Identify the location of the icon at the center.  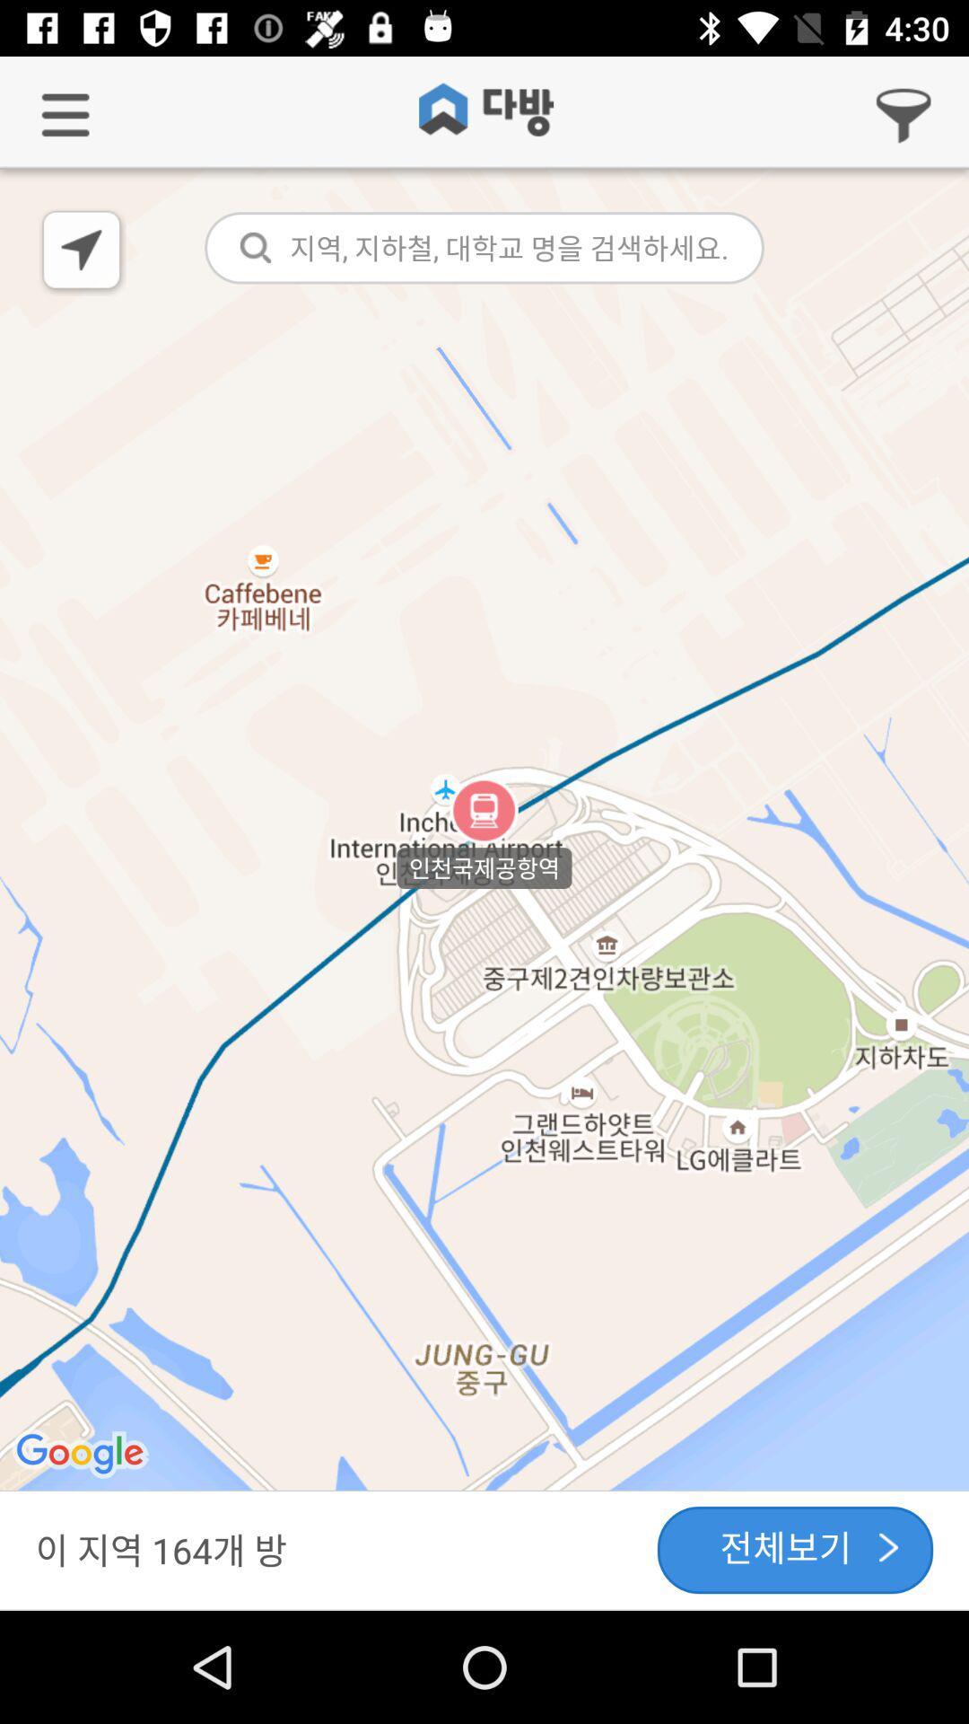
(484, 830).